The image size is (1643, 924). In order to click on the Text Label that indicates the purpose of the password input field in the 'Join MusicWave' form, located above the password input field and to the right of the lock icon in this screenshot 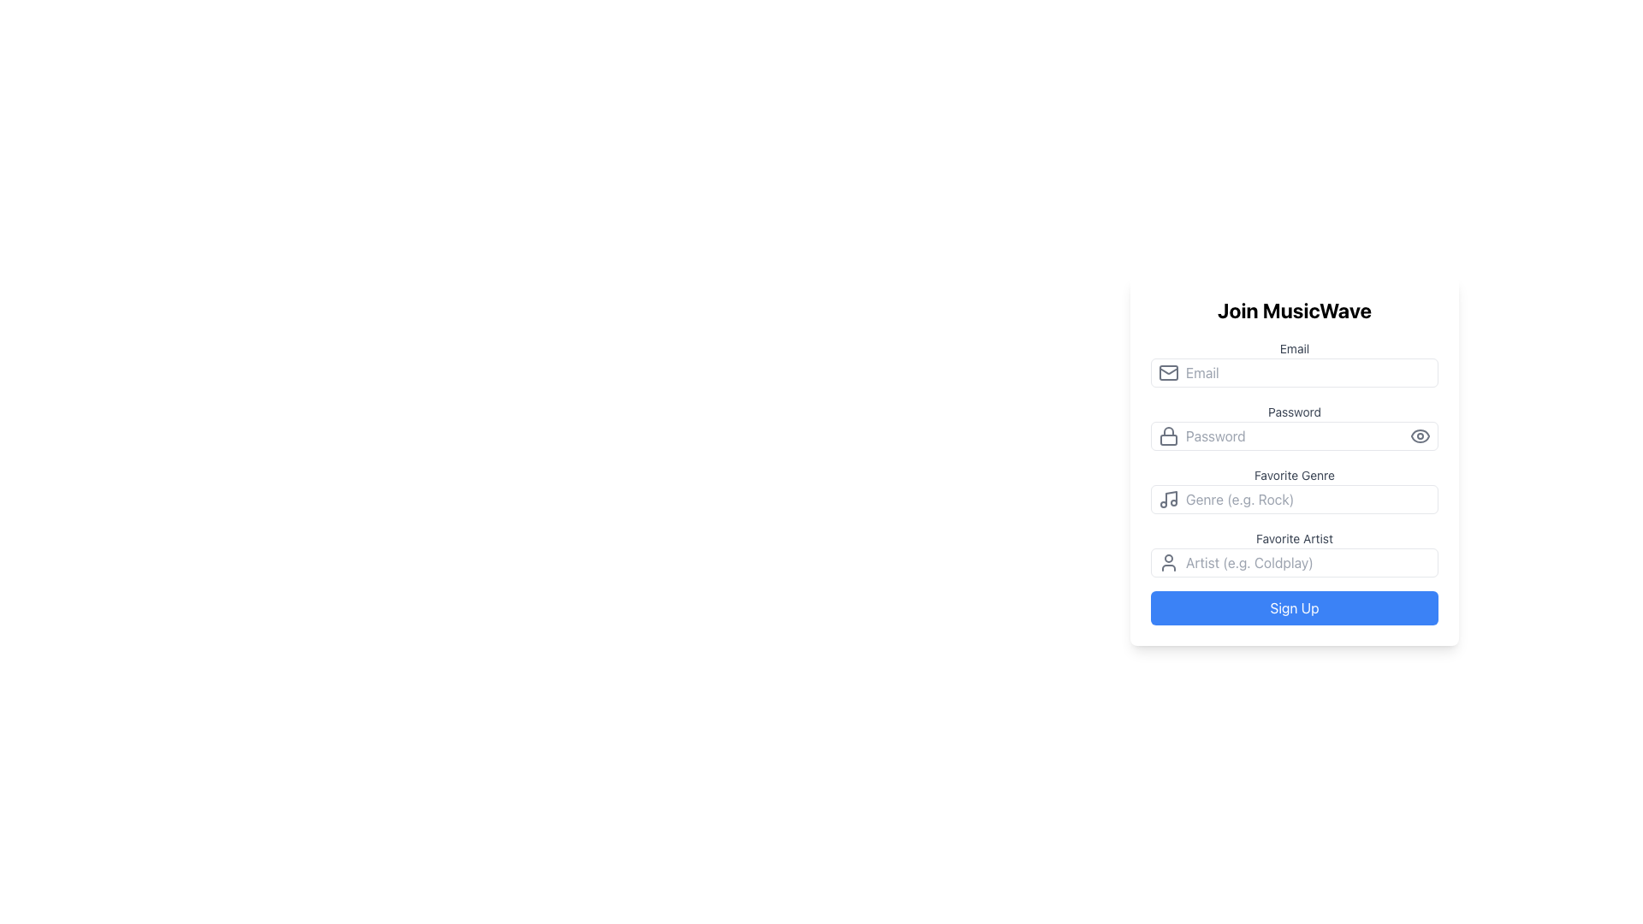, I will do `click(1294, 412)`.